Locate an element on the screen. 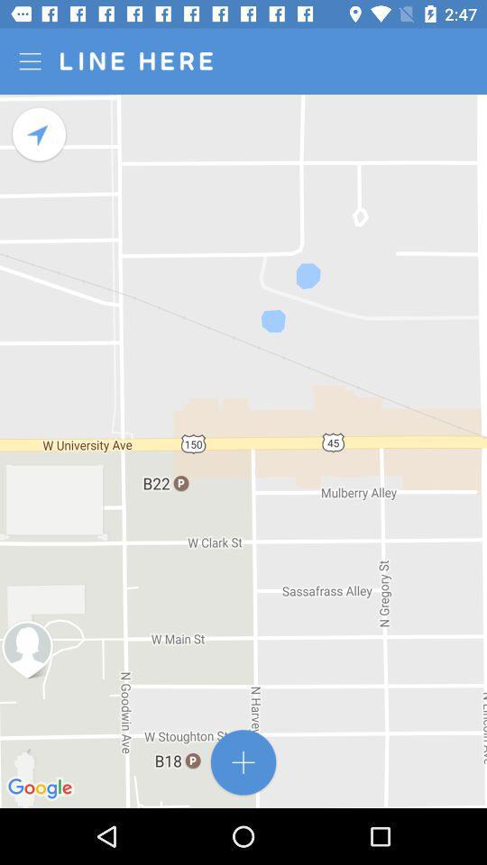 The height and width of the screenshot is (865, 487). app online is located at coordinates (243, 762).